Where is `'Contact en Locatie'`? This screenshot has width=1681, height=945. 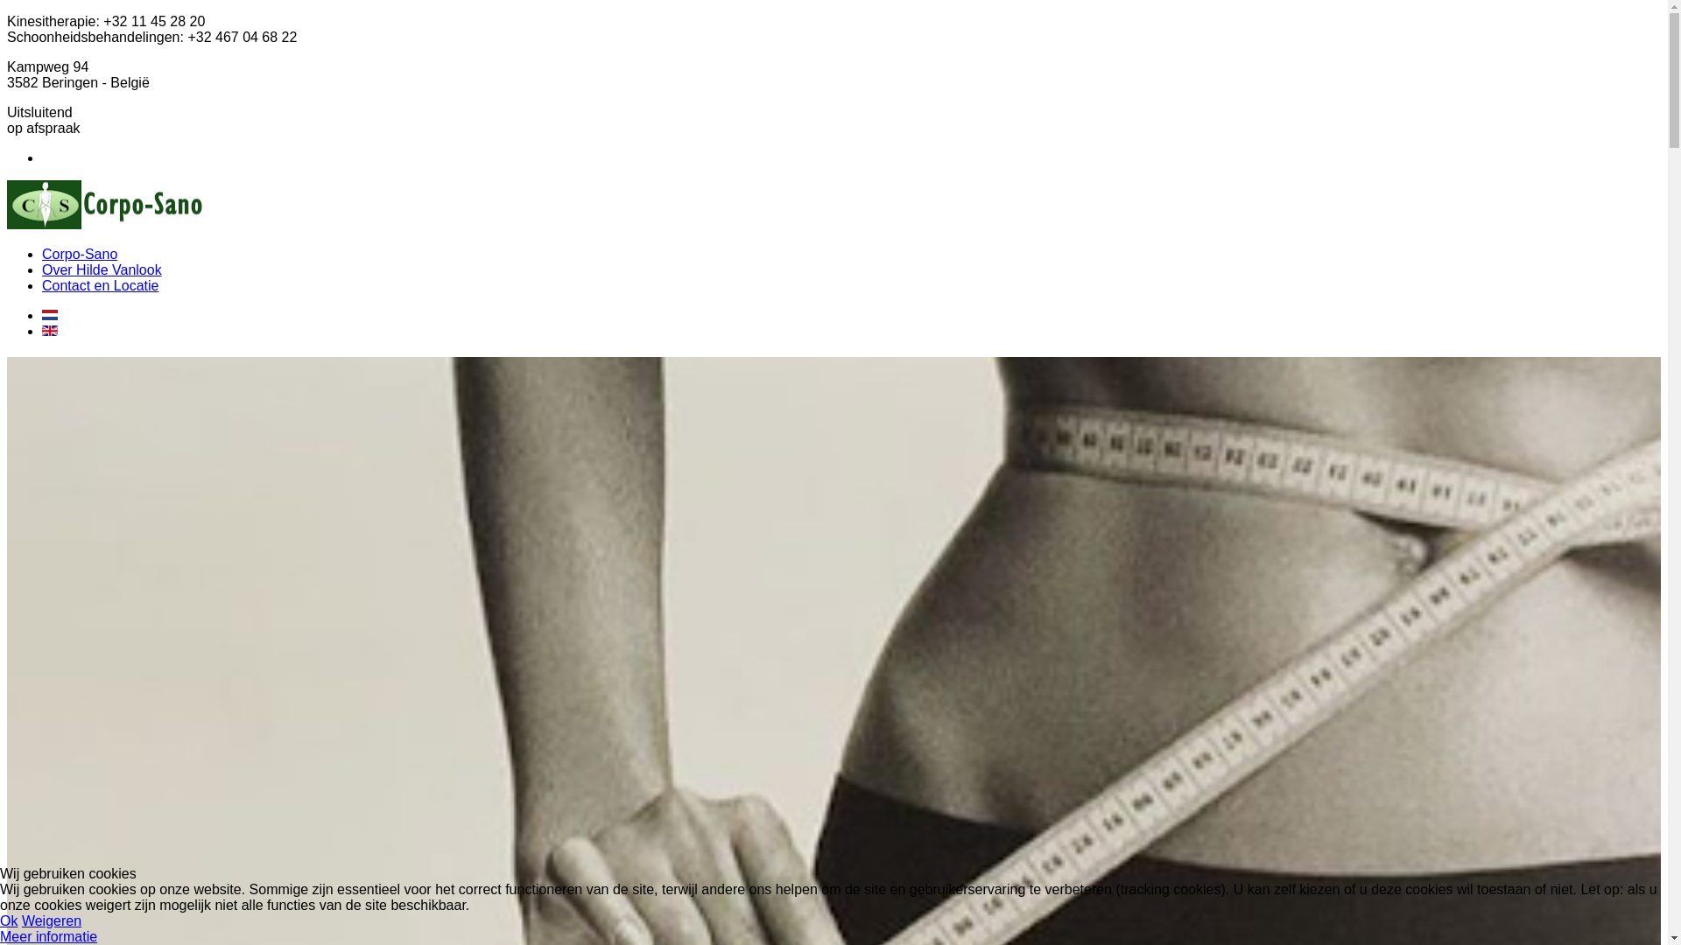
'Contact en Locatie' is located at coordinates (99, 284).